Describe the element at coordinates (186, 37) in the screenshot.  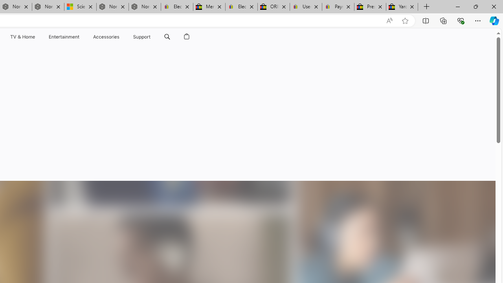
I see `'AutomationID: globalnav-bag'` at that location.